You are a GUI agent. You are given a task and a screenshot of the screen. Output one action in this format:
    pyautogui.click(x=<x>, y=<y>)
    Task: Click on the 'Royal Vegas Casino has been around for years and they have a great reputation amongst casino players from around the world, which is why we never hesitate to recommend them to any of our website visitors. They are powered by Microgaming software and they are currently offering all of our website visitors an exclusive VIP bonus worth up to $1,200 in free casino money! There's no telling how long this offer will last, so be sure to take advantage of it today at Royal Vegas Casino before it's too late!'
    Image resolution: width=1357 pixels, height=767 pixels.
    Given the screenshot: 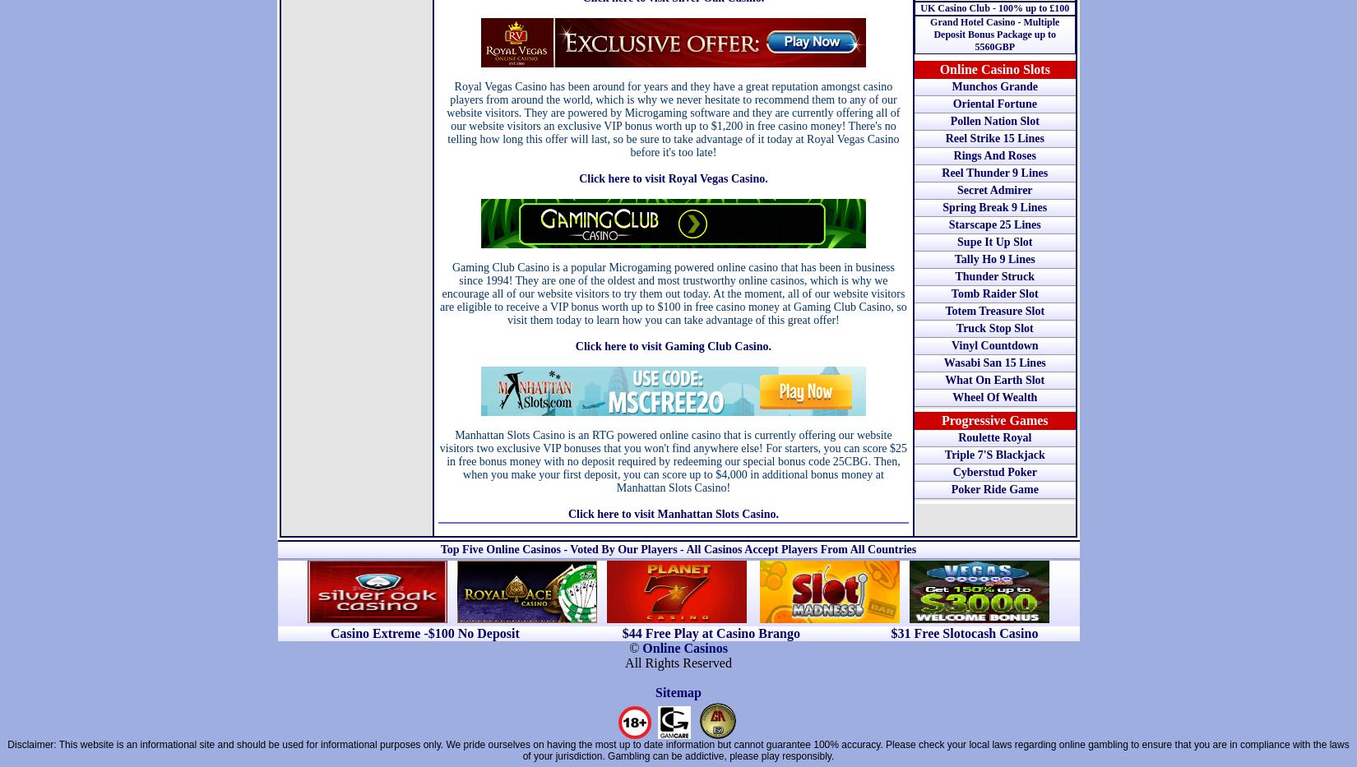 What is the action you would take?
    pyautogui.click(x=672, y=118)
    